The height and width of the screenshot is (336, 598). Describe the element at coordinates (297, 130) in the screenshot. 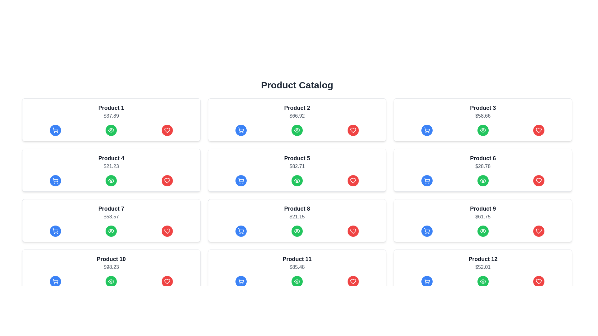

I see `the green circular icon button with an eye symbol located in the action bar of 'Product 2' card` at that location.